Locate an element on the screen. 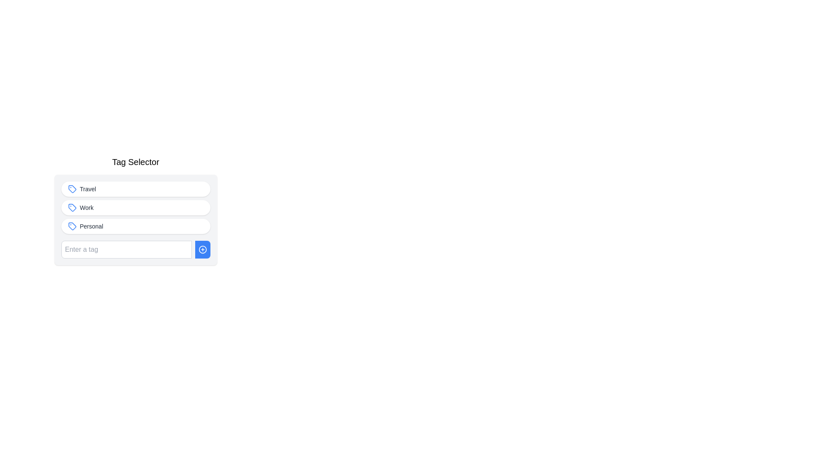 Image resolution: width=813 pixels, height=457 pixels. the 'Work' button, which is the second button in a vertical stack of buttons labeled 'Travel', 'Work', and 'Personal' is located at coordinates (135, 207).